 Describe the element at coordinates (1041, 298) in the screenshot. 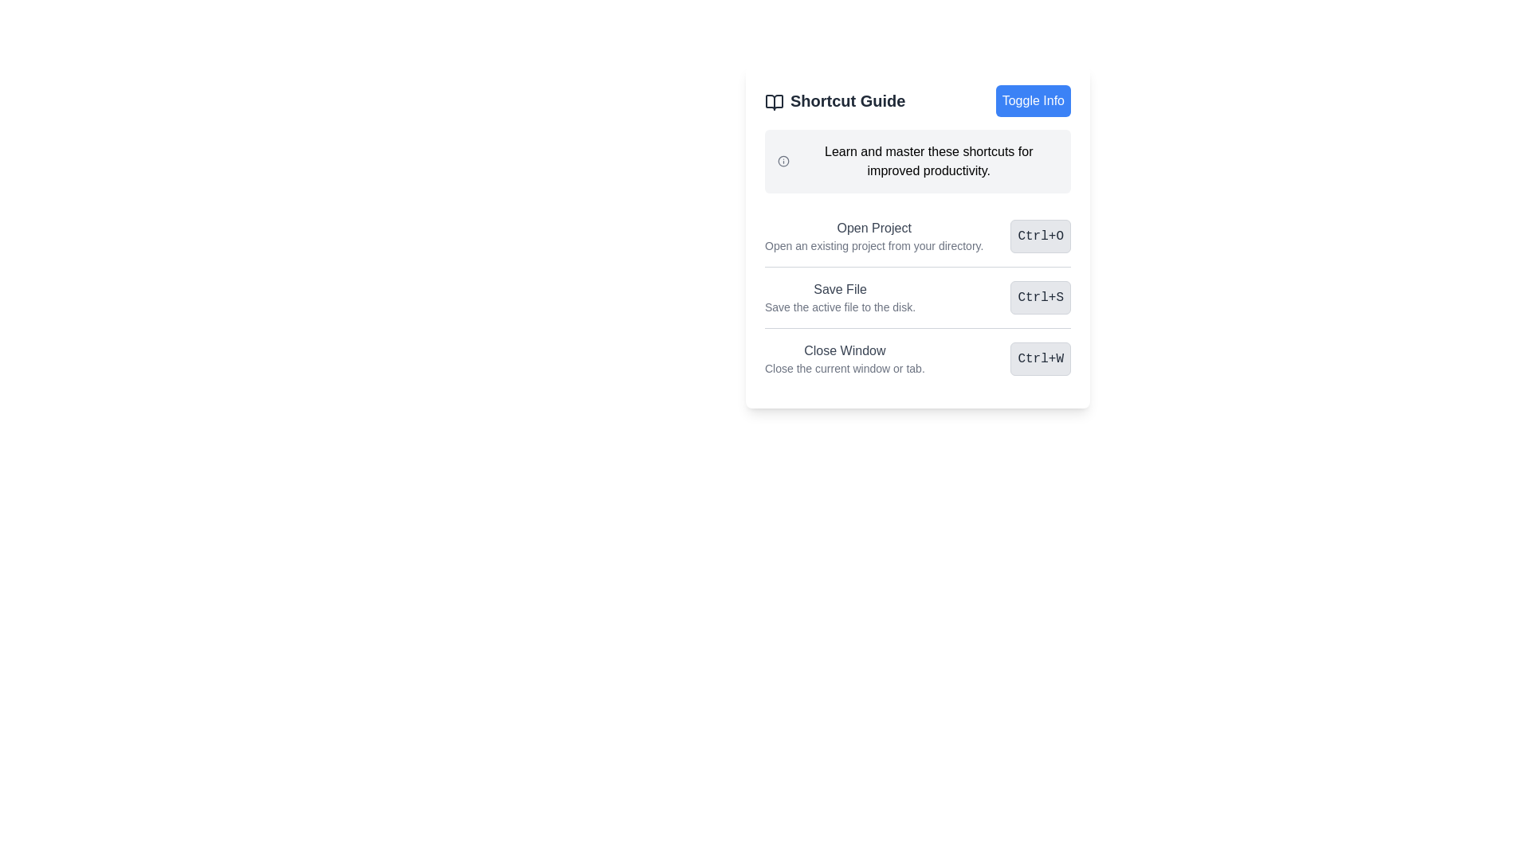

I see `the Text Display element that shows the keyboard shortcut (Ctrl+S) for saving files, positioned to the right of the description 'Save FileSave the active file to the disk.'` at that location.